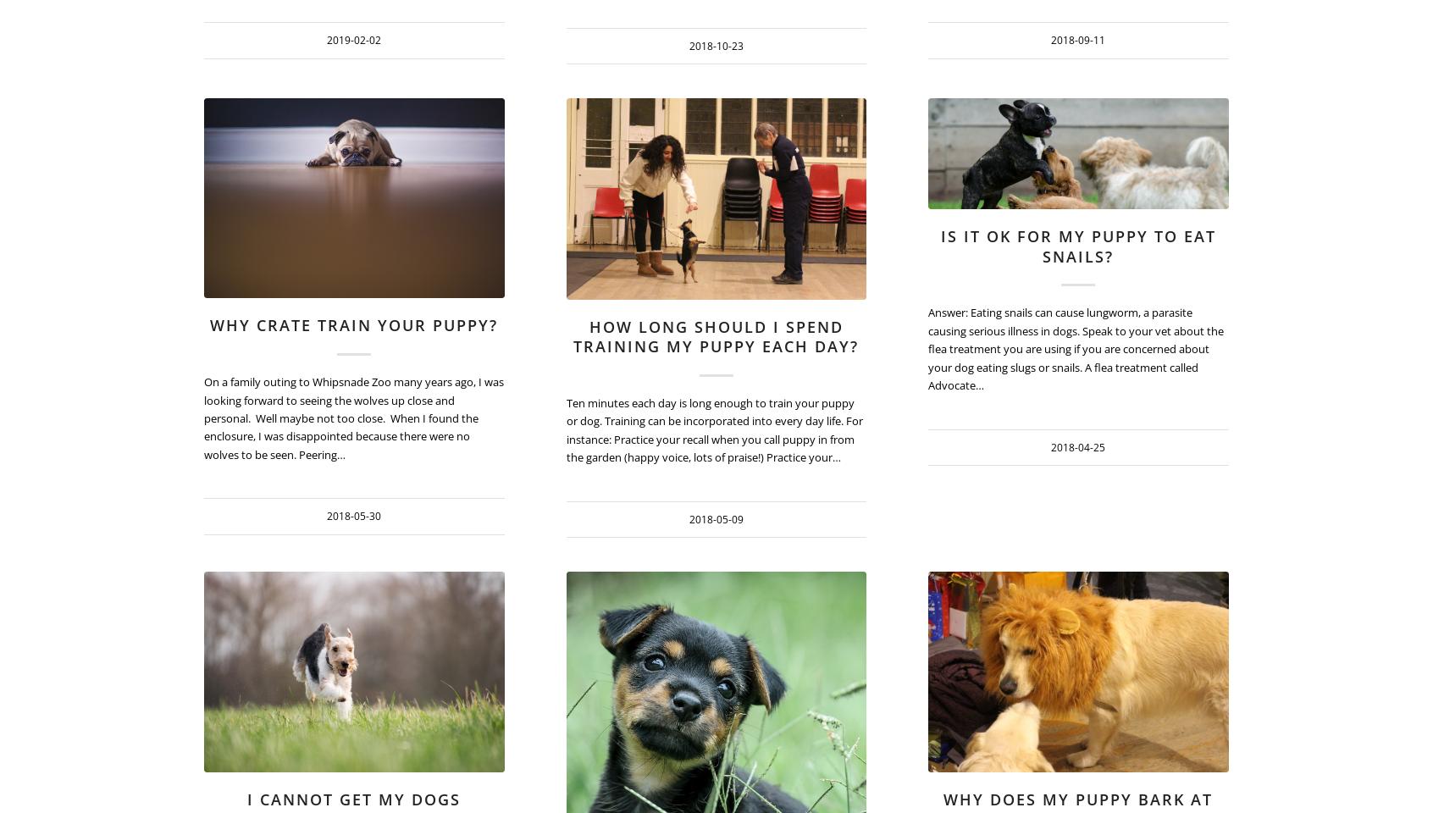  Describe the element at coordinates (1075, 348) in the screenshot. I see `'Answer:

Eating snails can cause lungworm, a parasite causing serious illness in dogs.

Speak to your vet about the flea treatment you are using if you are concerned about your dog eating slugs or snails. A flea treatment called Advocate…'` at that location.